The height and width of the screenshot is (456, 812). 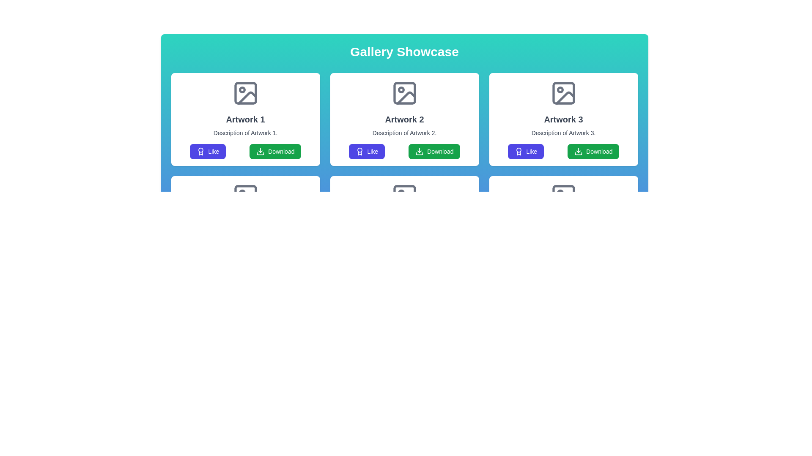 What do you see at coordinates (367, 151) in the screenshot?
I see `the 'Like' button located within the 'Artwork 2' card to express positive feedback for the associated artwork` at bounding box center [367, 151].